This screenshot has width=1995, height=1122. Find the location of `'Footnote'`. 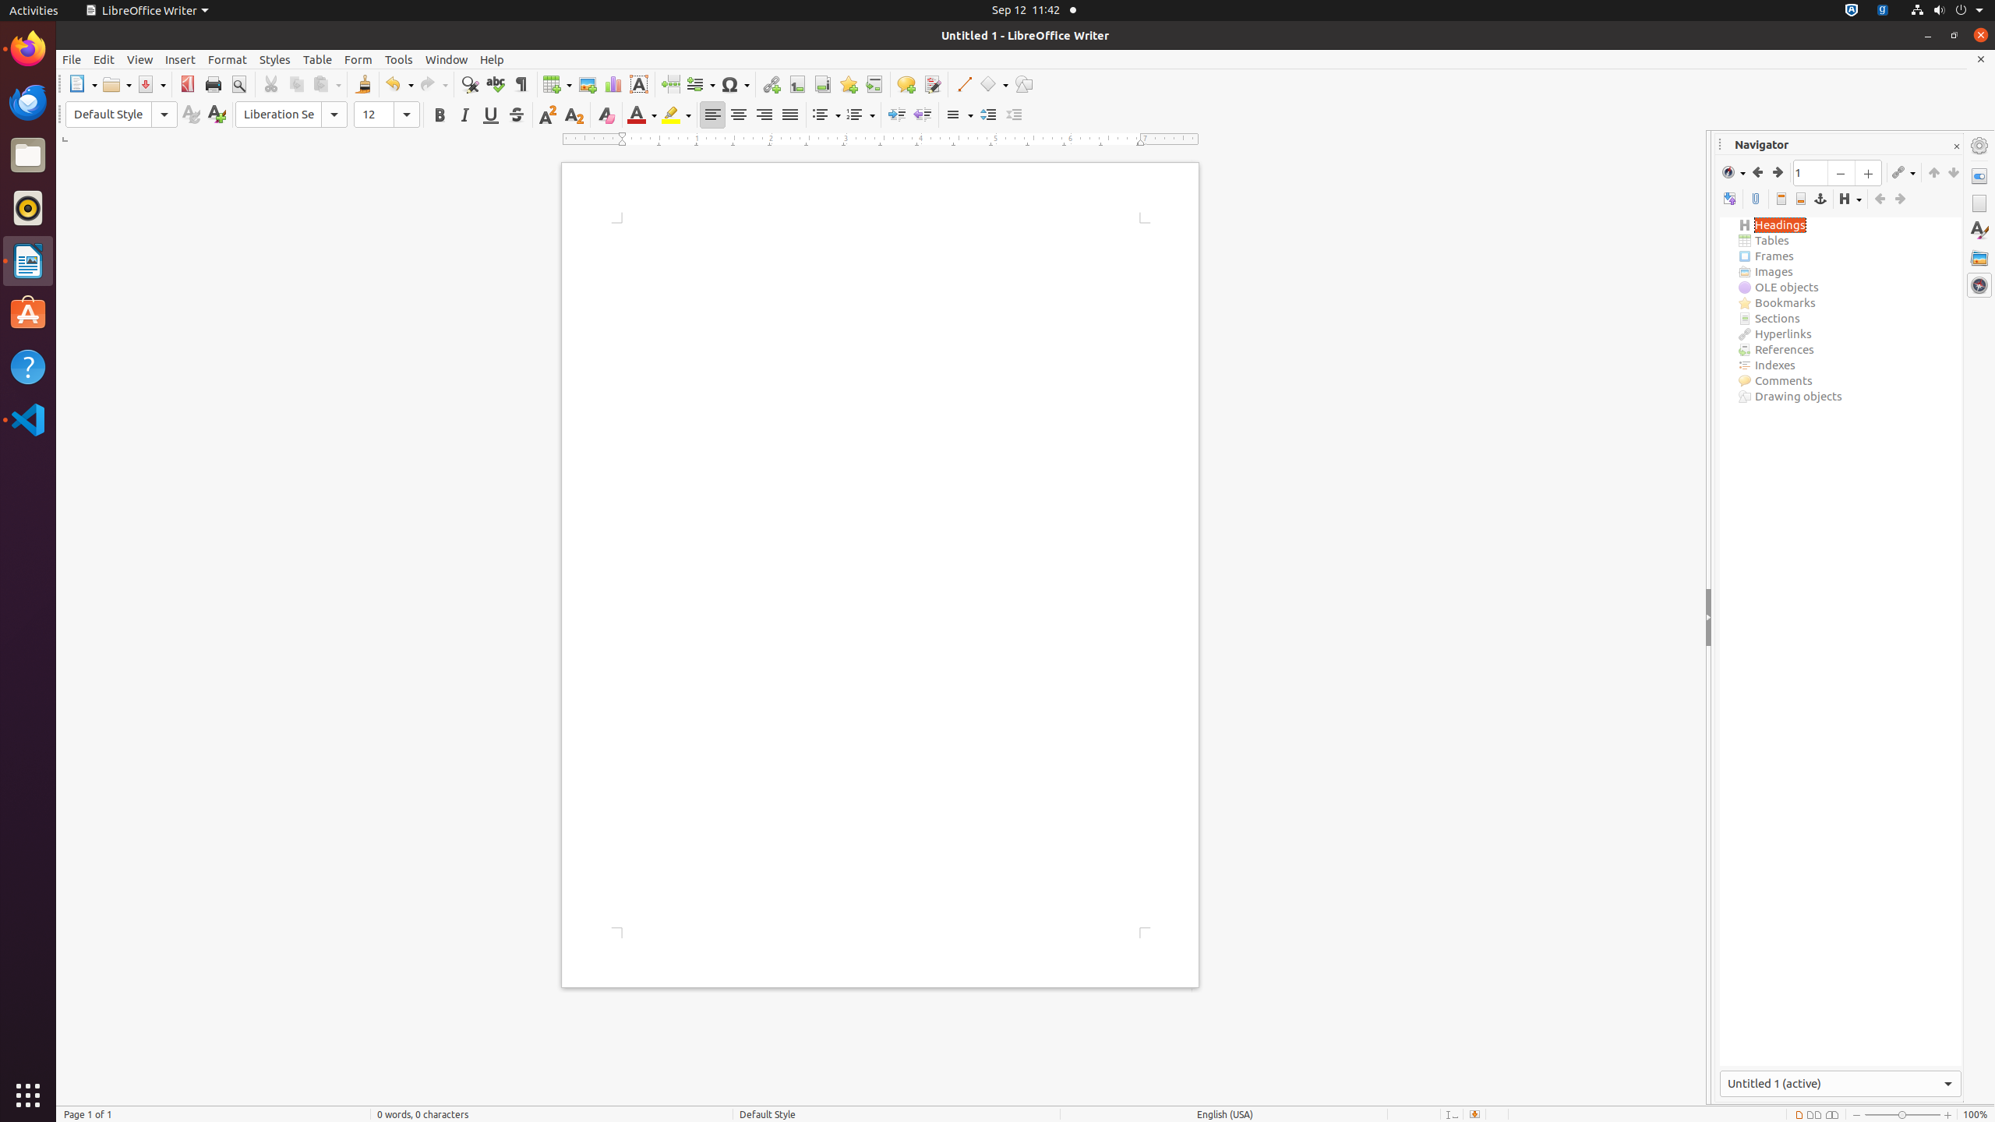

'Footnote' is located at coordinates (796, 83).